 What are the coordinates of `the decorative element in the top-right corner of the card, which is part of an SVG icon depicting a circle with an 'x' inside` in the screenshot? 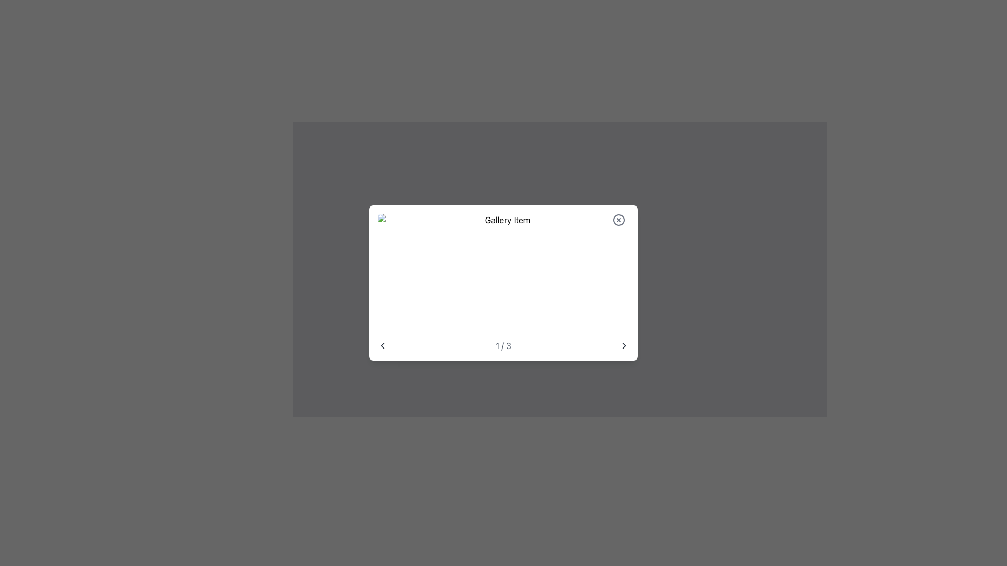 It's located at (619, 220).